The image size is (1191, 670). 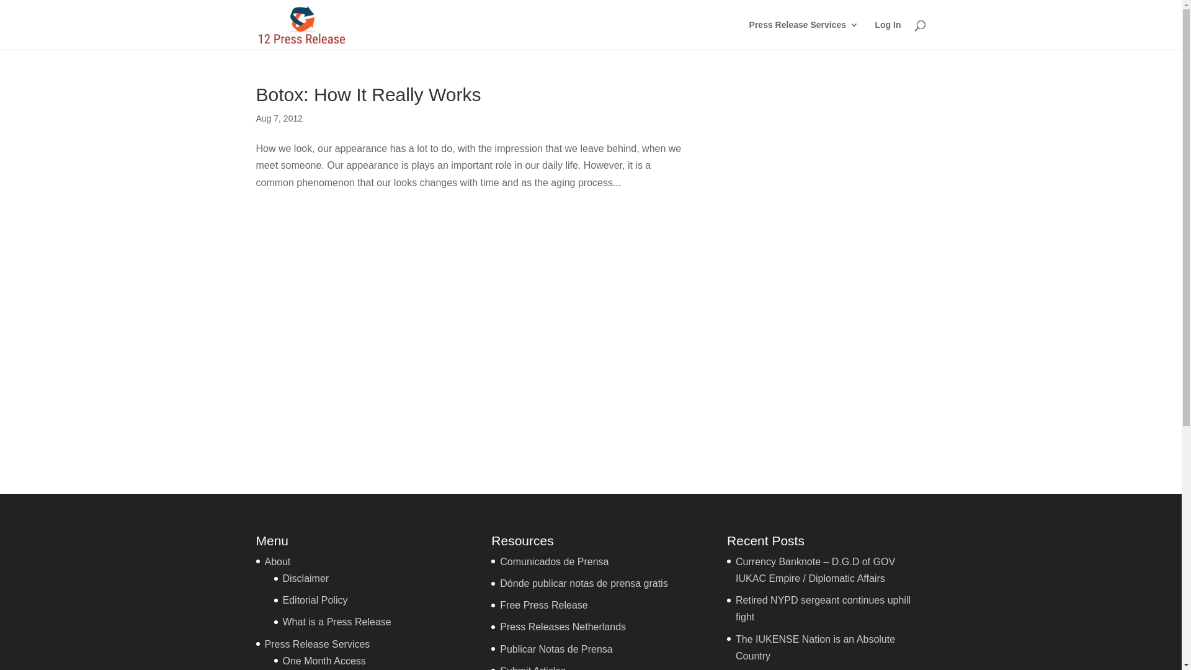 I want to click on 'Press Release Services', so click(x=749, y=34).